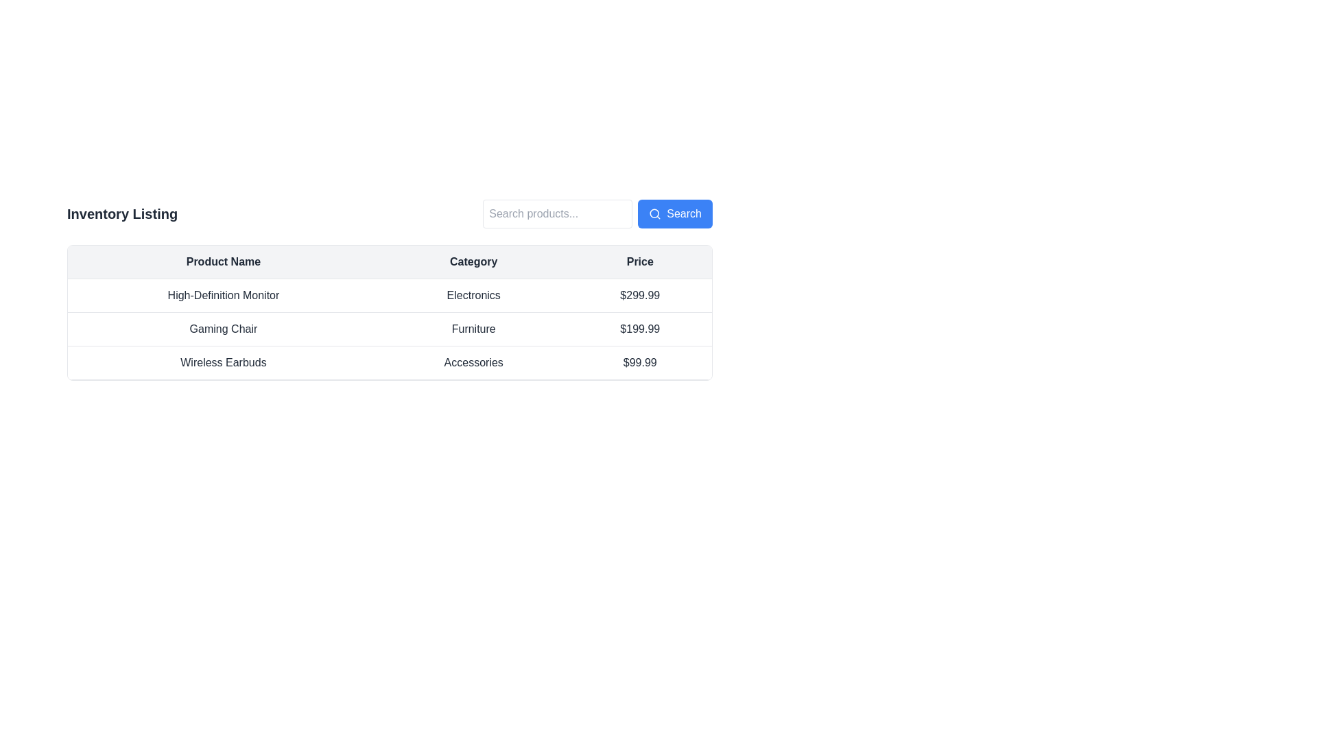 Image resolution: width=1317 pixels, height=741 pixels. I want to click on the non-interactive text label displaying the price of the product 'Wireless Earbuds', located in the third row of a three-row table under the 'Price' column, so click(639, 362).